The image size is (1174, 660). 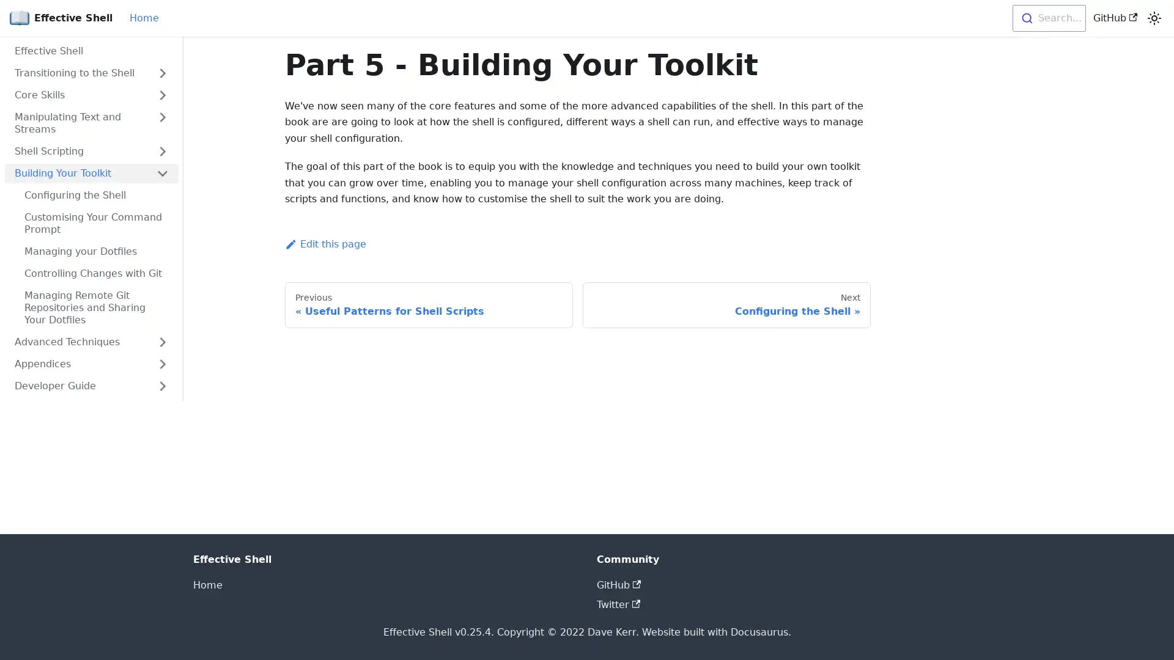 I want to click on Toggle the collapsible sidebar category 'Shell Scripting', so click(x=161, y=150).